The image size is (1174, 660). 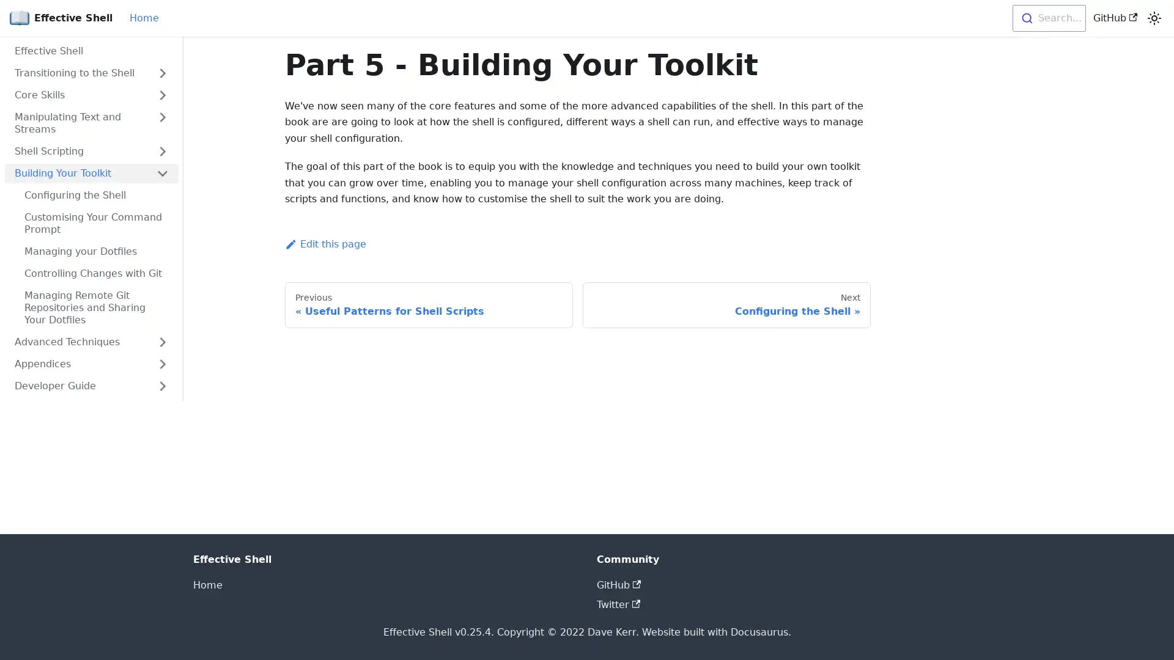 I want to click on Toggle the collapsible sidebar category 'Shell Scripting', so click(x=161, y=150).